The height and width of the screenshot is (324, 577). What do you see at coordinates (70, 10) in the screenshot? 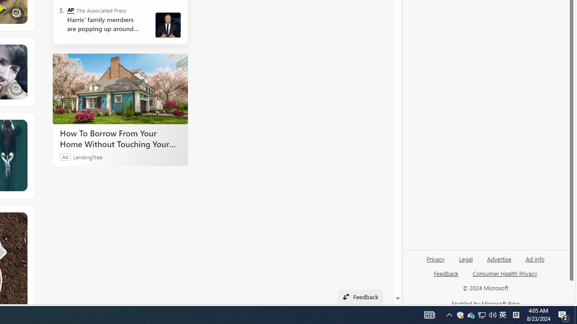
I see `'The Associated Press'` at bounding box center [70, 10].